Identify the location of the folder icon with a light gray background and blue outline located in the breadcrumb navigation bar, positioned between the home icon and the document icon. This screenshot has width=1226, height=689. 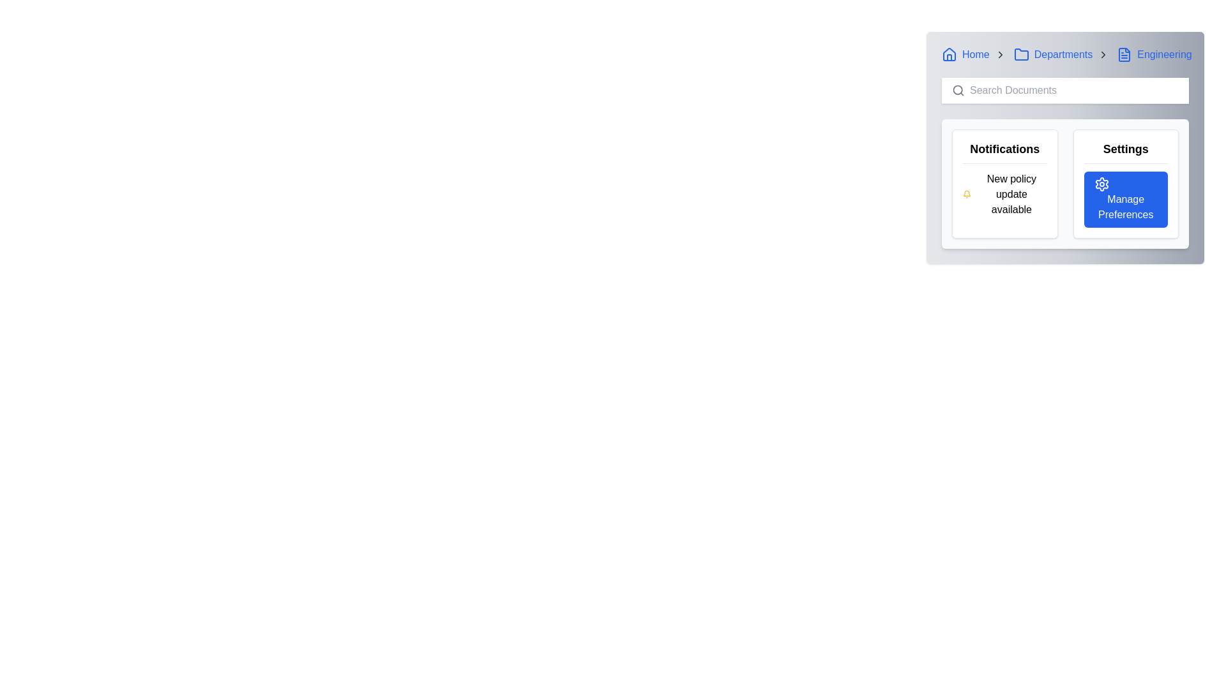
(1020, 54).